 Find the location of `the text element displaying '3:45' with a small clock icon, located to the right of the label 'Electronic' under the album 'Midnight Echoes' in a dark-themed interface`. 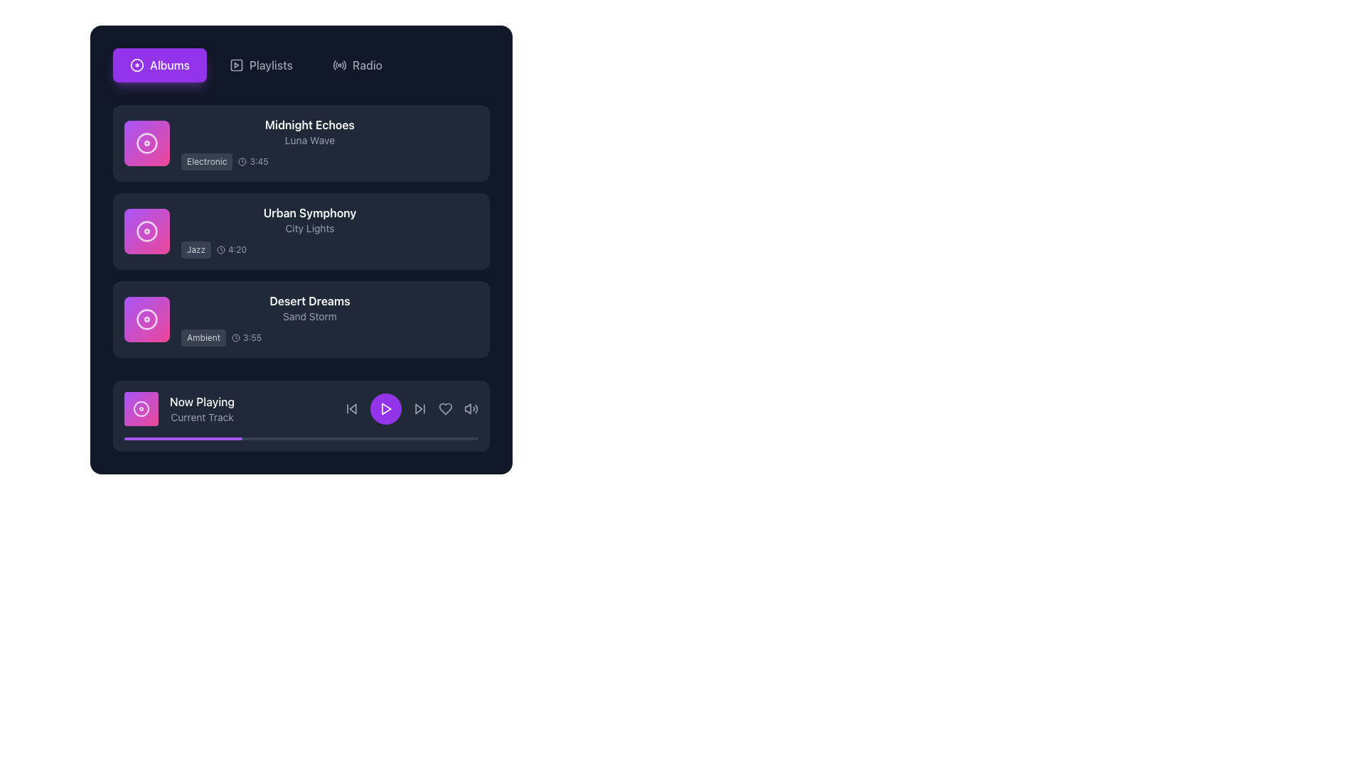

the text element displaying '3:45' with a small clock icon, located to the right of the label 'Electronic' under the album 'Midnight Echoes' in a dark-themed interface is located at coordinates (253, 161).